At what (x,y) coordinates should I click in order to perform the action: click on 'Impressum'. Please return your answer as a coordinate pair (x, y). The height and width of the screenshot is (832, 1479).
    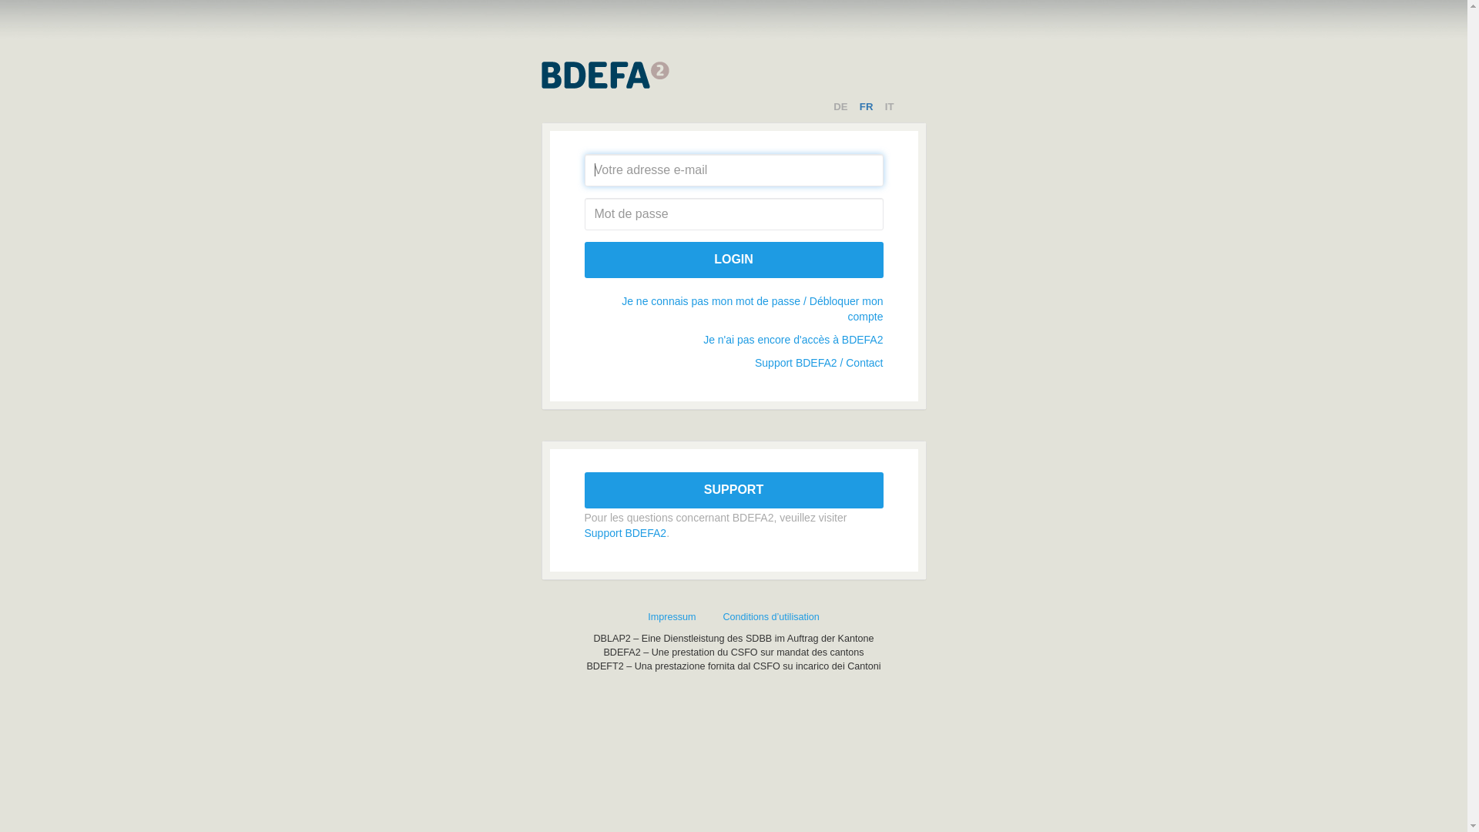
    Looking at the image, I should click on (647, 616).